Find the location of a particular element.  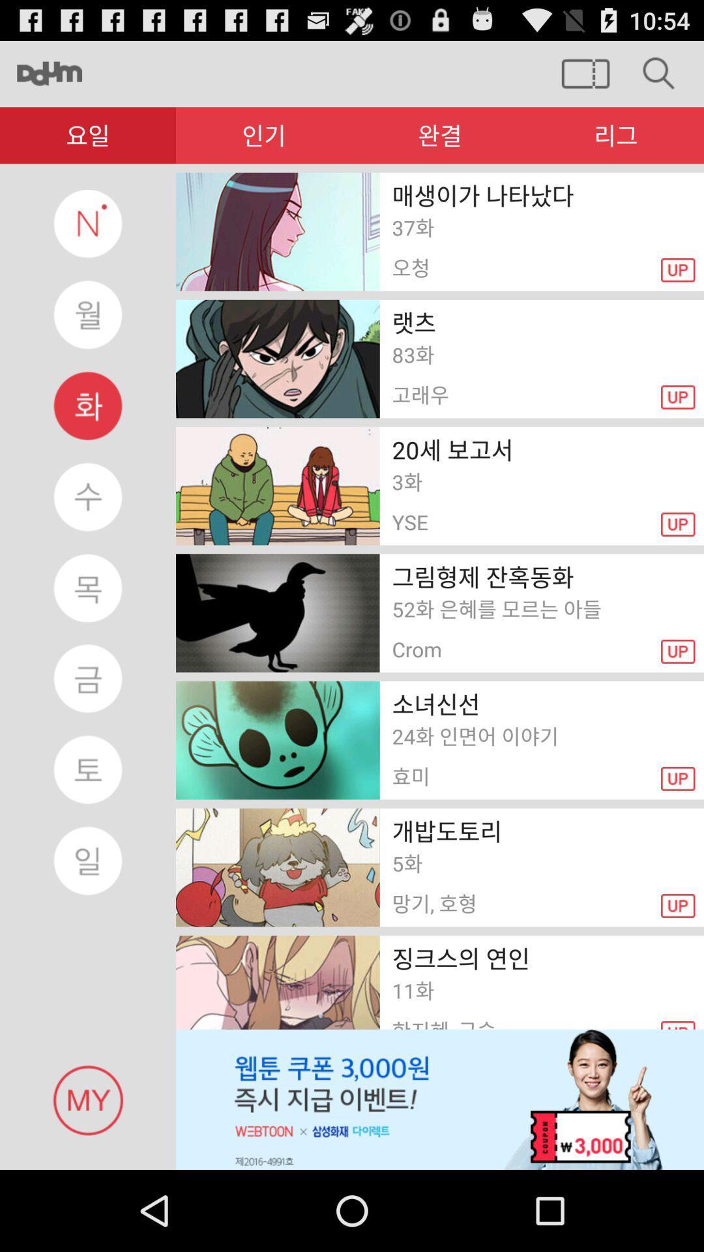

the second up button from the top is located at coordinates (681, 400).